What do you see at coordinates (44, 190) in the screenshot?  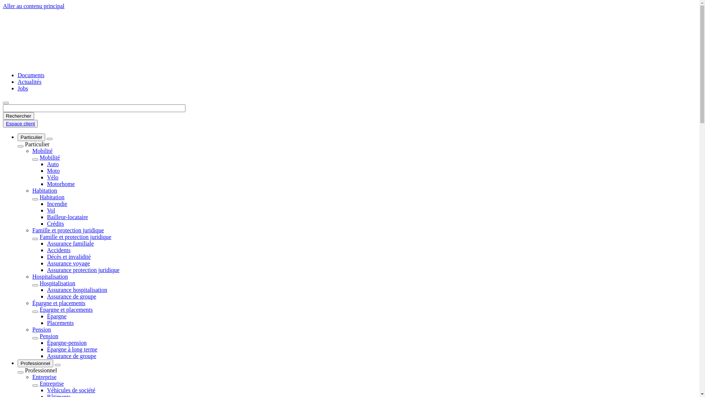 I see `'Habitation'` at bounding box center [44, 190].